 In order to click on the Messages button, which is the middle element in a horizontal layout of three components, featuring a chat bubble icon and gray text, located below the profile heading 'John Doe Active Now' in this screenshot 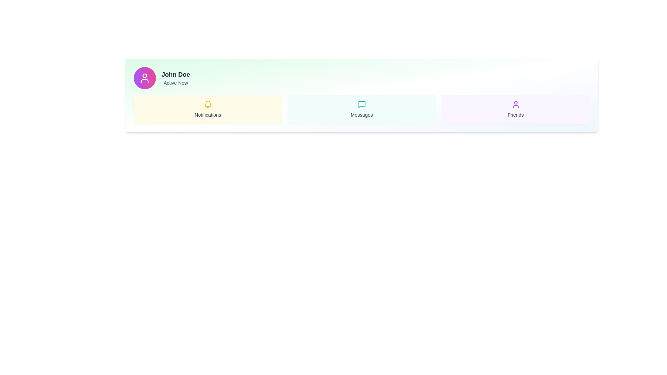, I will do `click(361, 109)`.